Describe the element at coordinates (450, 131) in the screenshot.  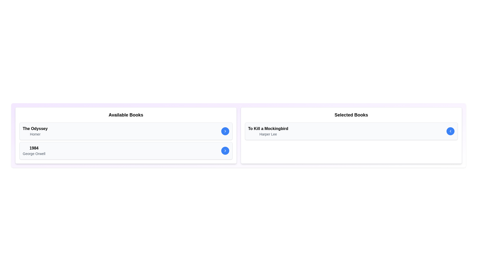
I see `arrow button for the book titled 'To Kill a Mockingbird' to transfer it to the other list` at that location.